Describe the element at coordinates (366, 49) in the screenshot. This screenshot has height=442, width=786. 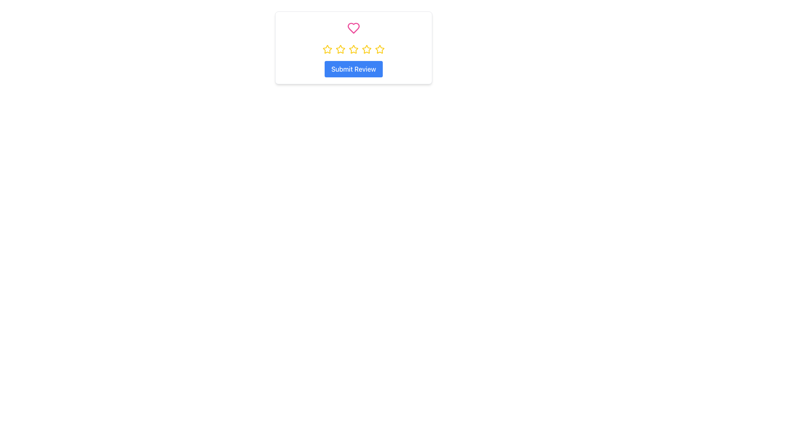
I see `the third rating star icon` at that location.